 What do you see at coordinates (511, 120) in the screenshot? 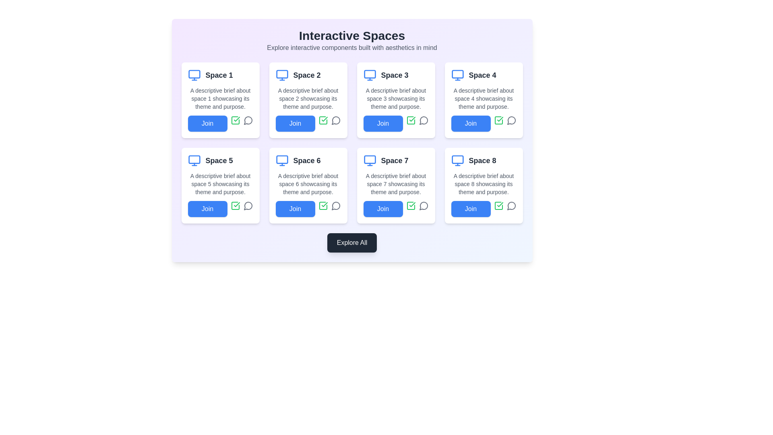
I see `the circular icon button for messaging or commenting functionality located in the top row of the 'Space 4' card, which is the last interactive element in the group` at bounding box center [511, 120].